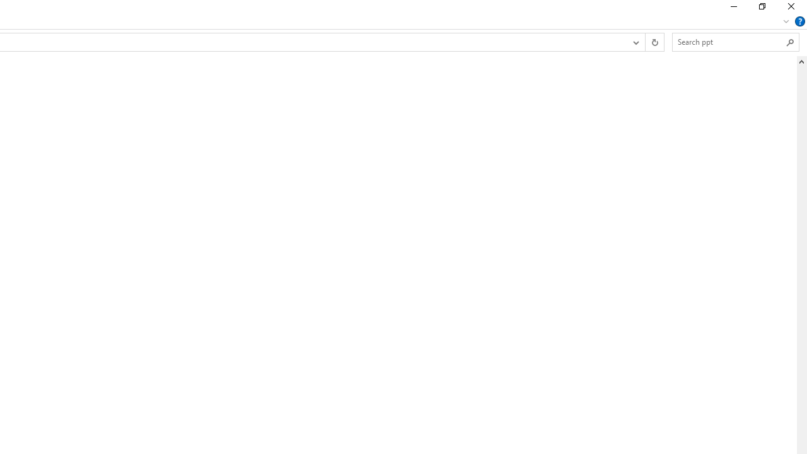 This screenshot has width=807, height=454. Describe the element at coordinates (636, 41) in the screenshot. I see `'Previous Locations'` at that location.